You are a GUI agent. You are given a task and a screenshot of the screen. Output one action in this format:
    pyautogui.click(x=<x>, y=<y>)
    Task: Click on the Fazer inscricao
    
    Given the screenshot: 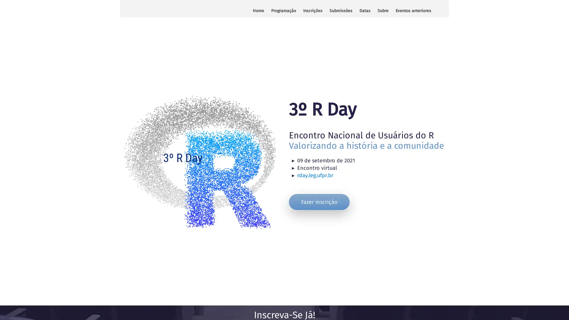 What is the action you would take?
    pyautogui.click(x=319, y=201)
    